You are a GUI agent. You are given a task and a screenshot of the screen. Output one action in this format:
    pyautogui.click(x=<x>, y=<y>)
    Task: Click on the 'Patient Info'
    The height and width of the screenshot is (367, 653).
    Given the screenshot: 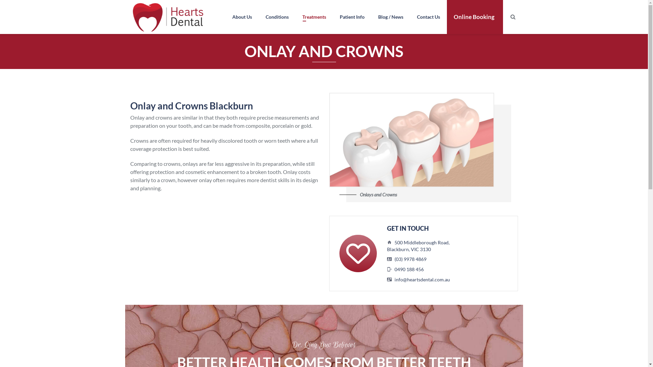 What is the action you would take?
    pyautogui.click(x=352, y=17)
    